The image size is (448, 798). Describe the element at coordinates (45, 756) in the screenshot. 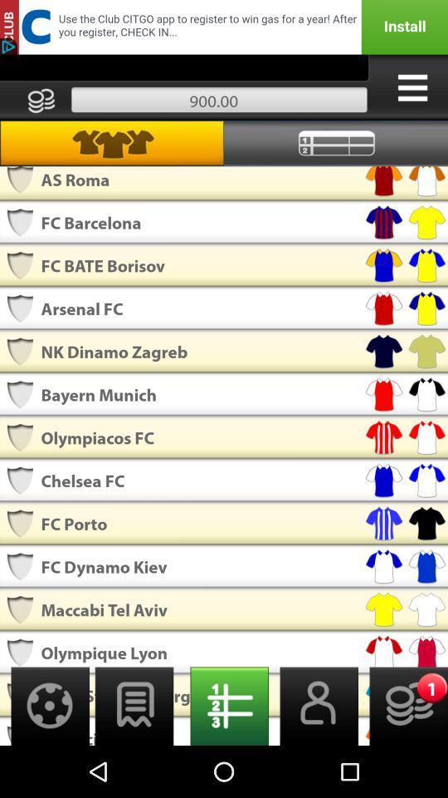

I see `the settings icon` at that location.